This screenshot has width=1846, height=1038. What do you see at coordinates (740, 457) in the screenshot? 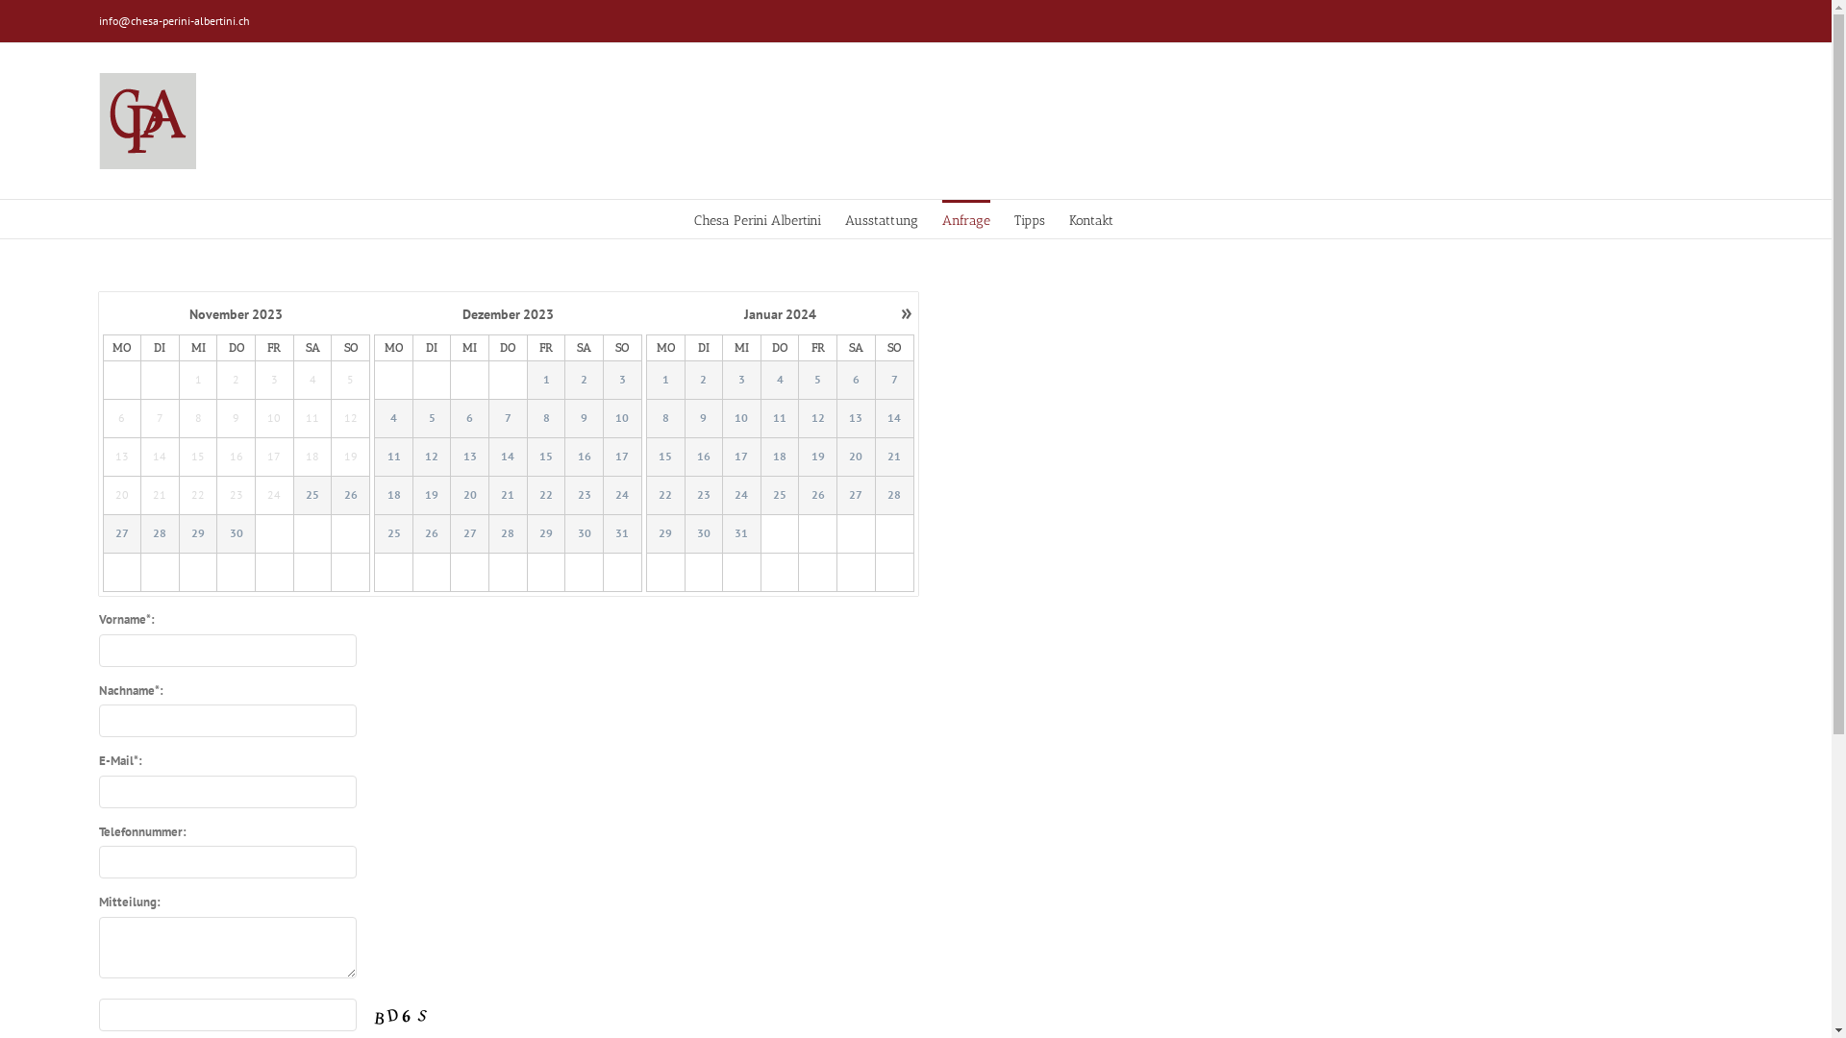
I see `'17'` at bounding box center [740, 457].